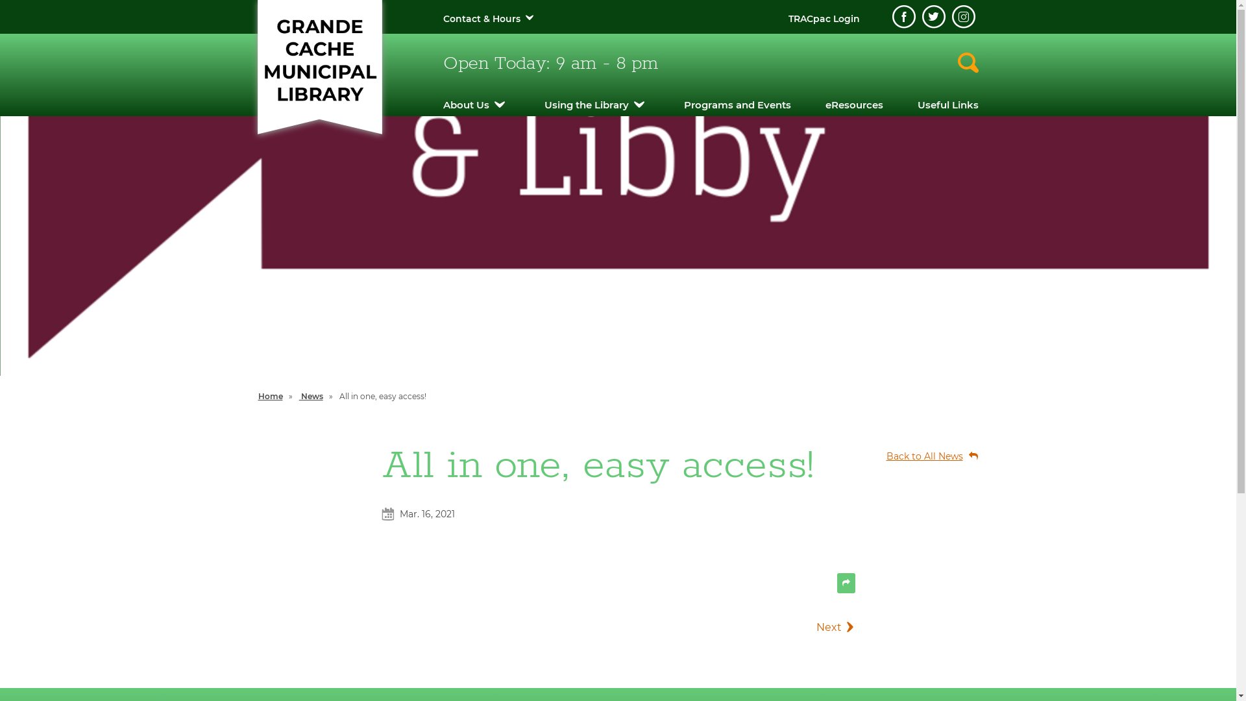 Image resolution: width=1246 pixels, height=701 pixels. What do you see at coordinates (925, 456) in the screenshot?
I see `'Back to All News'` at bounding box center [925, 456].